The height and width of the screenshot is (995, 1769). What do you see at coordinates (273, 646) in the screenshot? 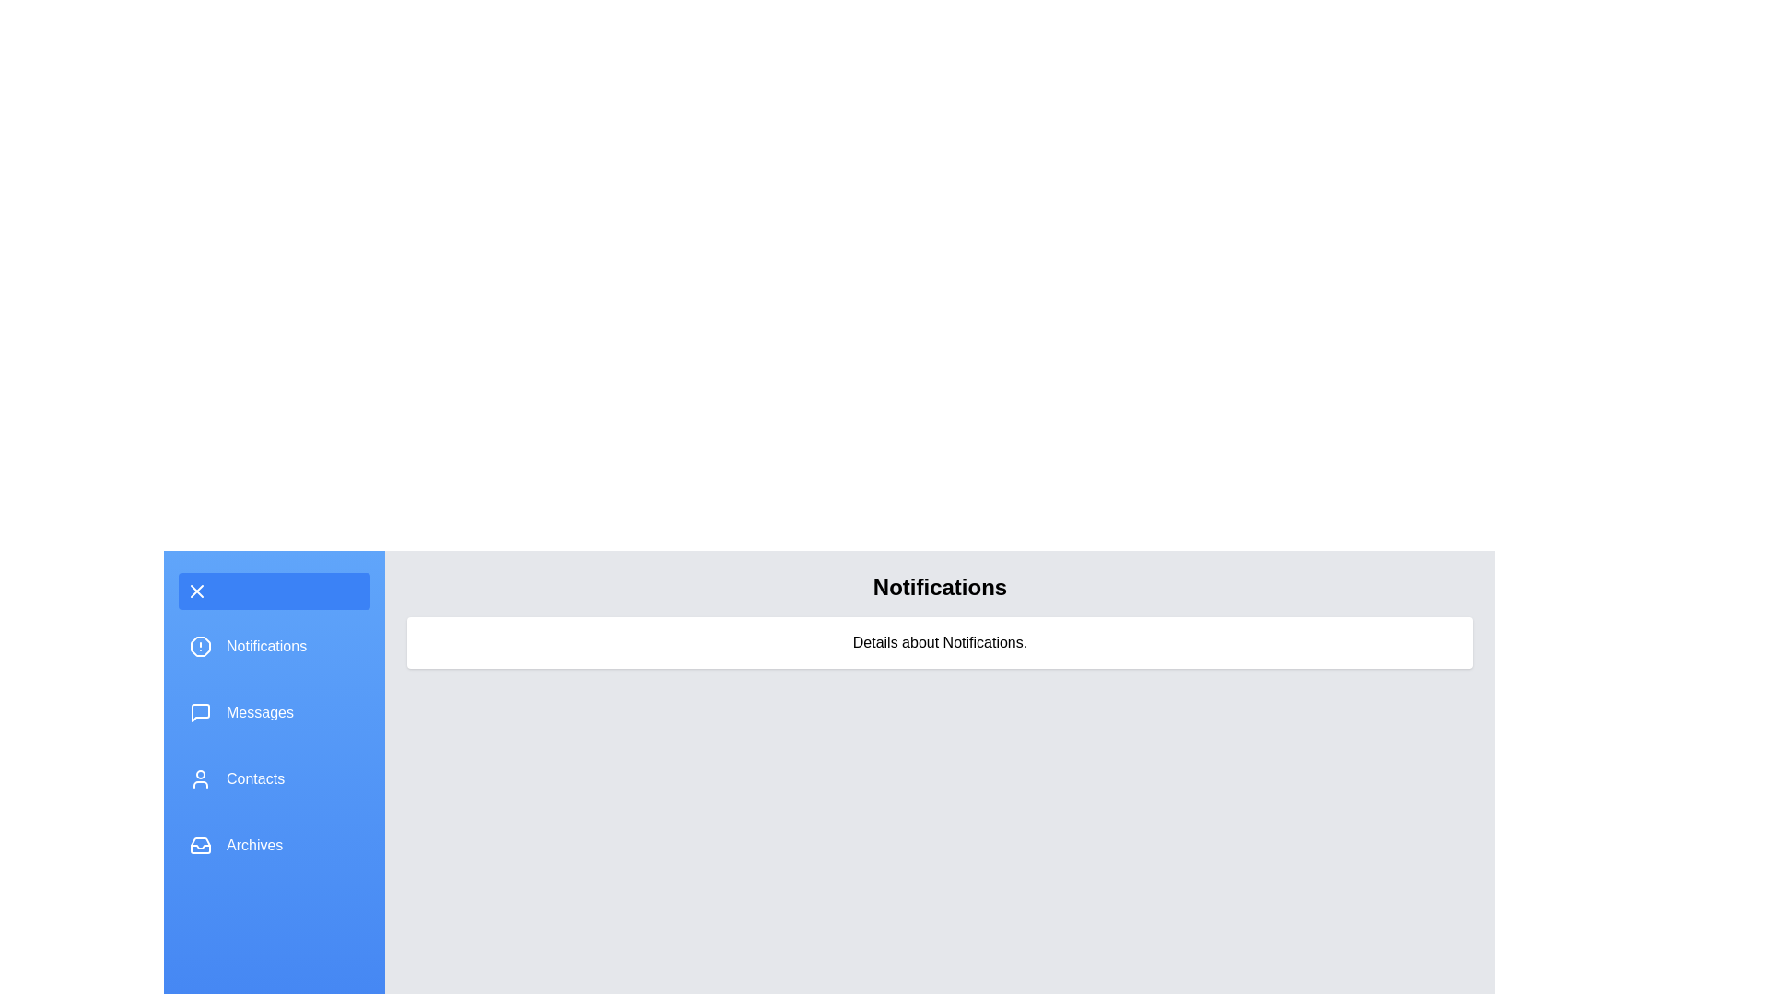
I see `the menu item Notifications to provide visual feedback` at bounding box center [273, 646].